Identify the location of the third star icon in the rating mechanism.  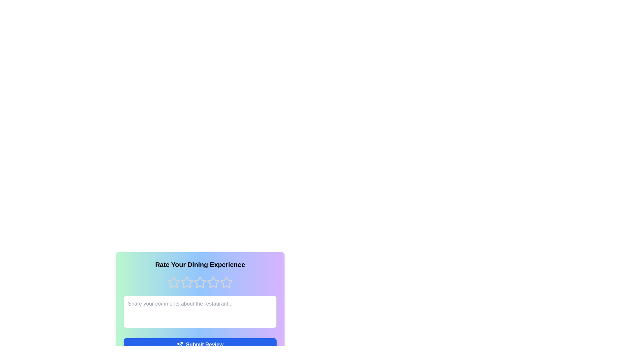
(199, 282).